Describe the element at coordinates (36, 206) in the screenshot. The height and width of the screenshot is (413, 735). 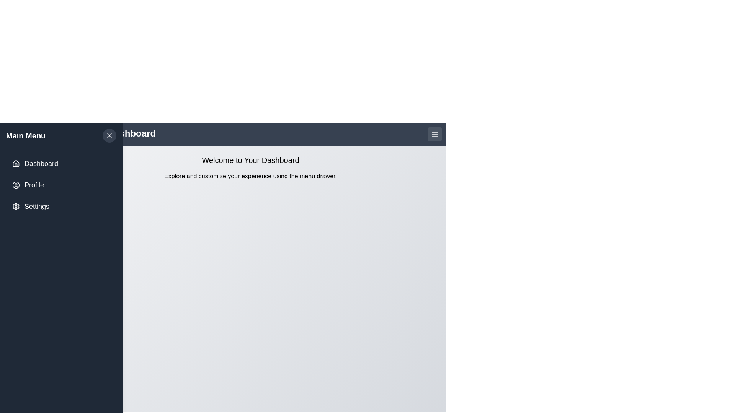
I see `'Settings' text label which is the third item in the vertical sidebar menu, styled in a large font and located below the 'Profile' item` at that location.